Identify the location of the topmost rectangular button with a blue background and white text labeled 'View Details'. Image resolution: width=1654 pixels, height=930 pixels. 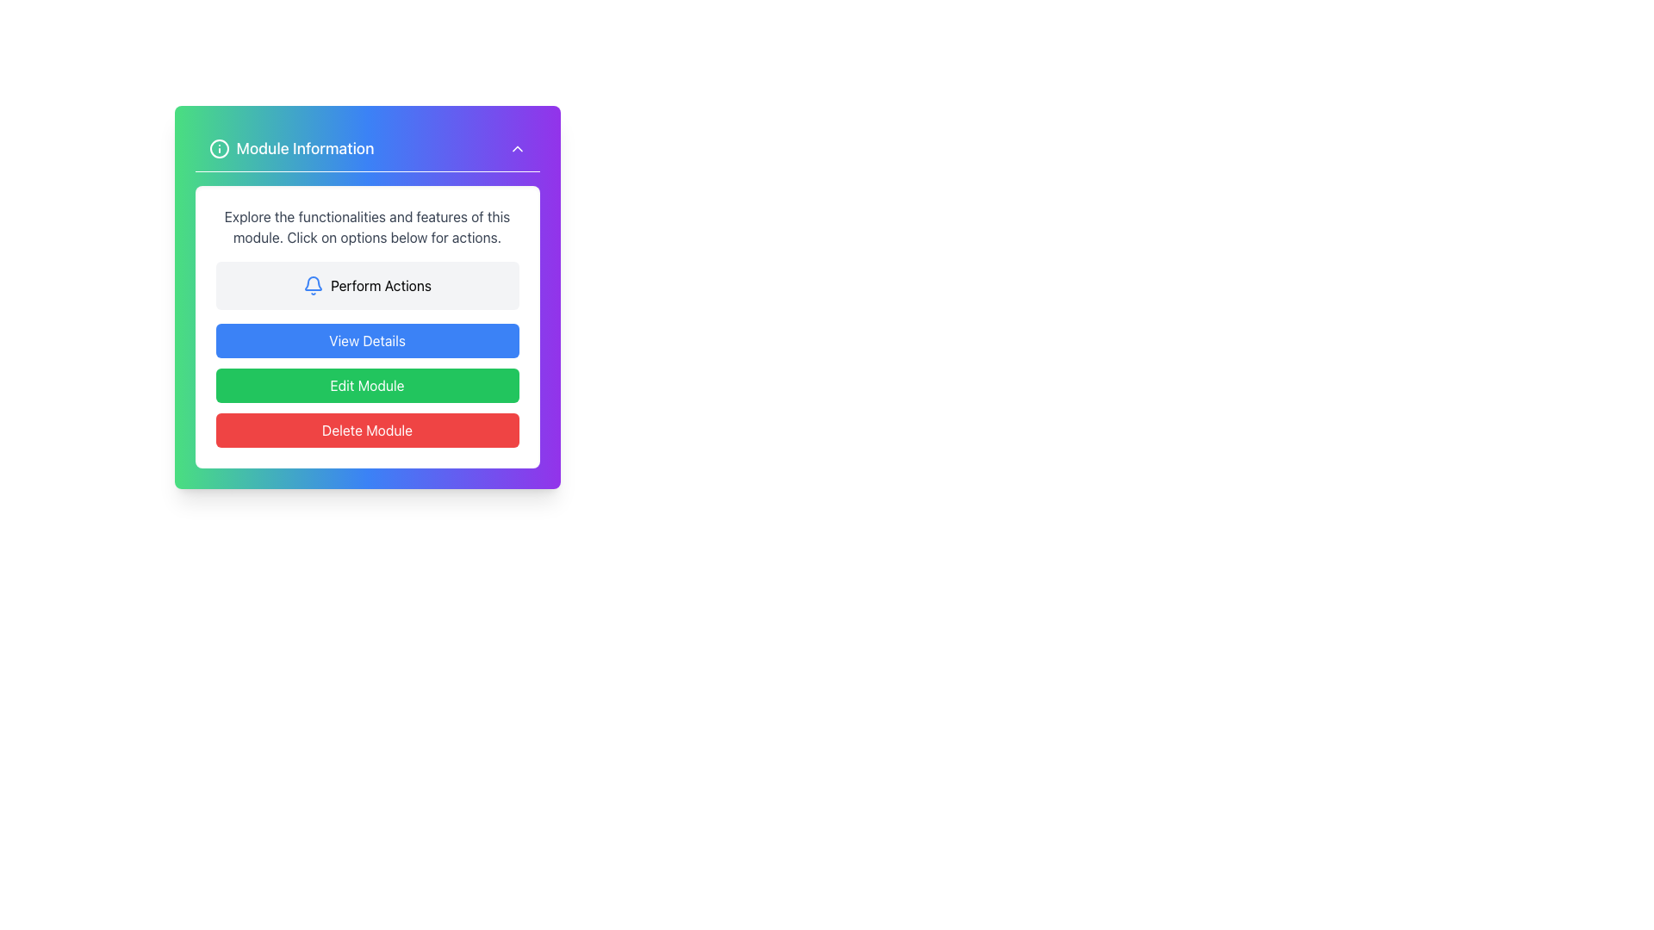
(366, 341).